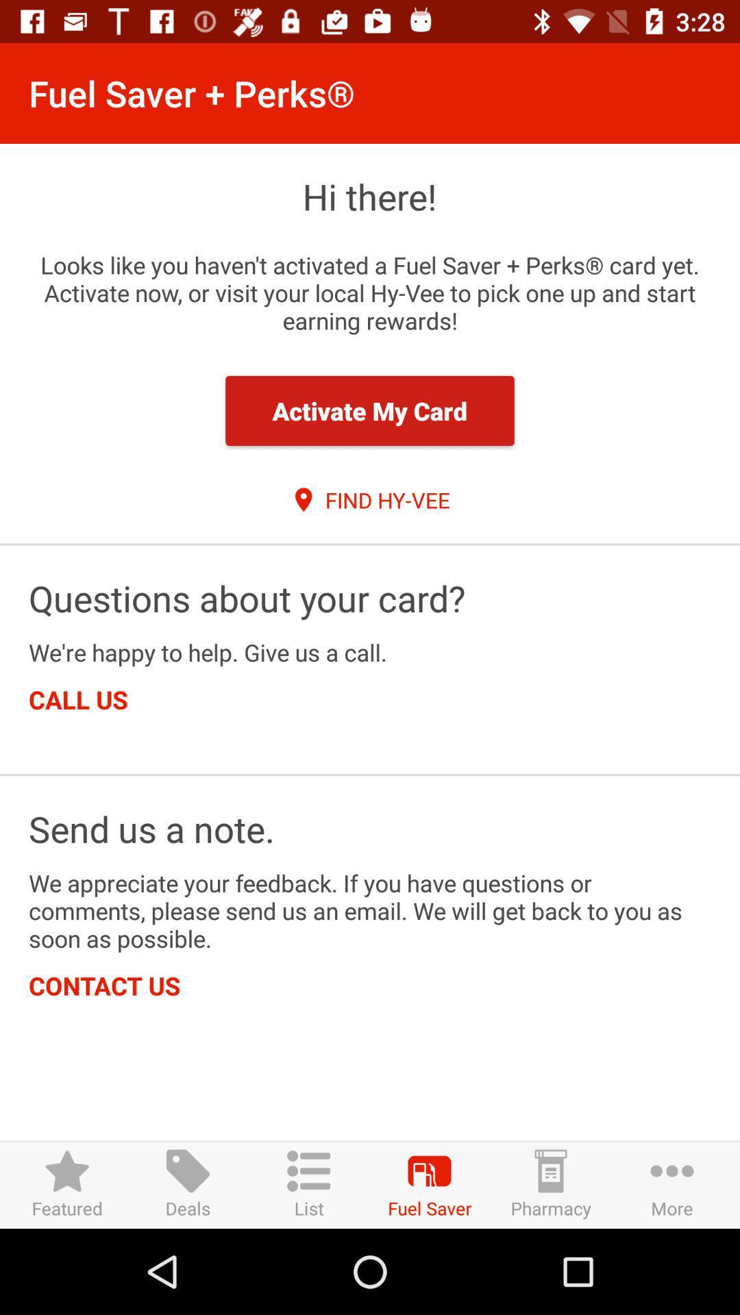 The width and height of the screenshot is (740, 1315). I want to click on item to the right of the featured icon, so click(188, 1184).